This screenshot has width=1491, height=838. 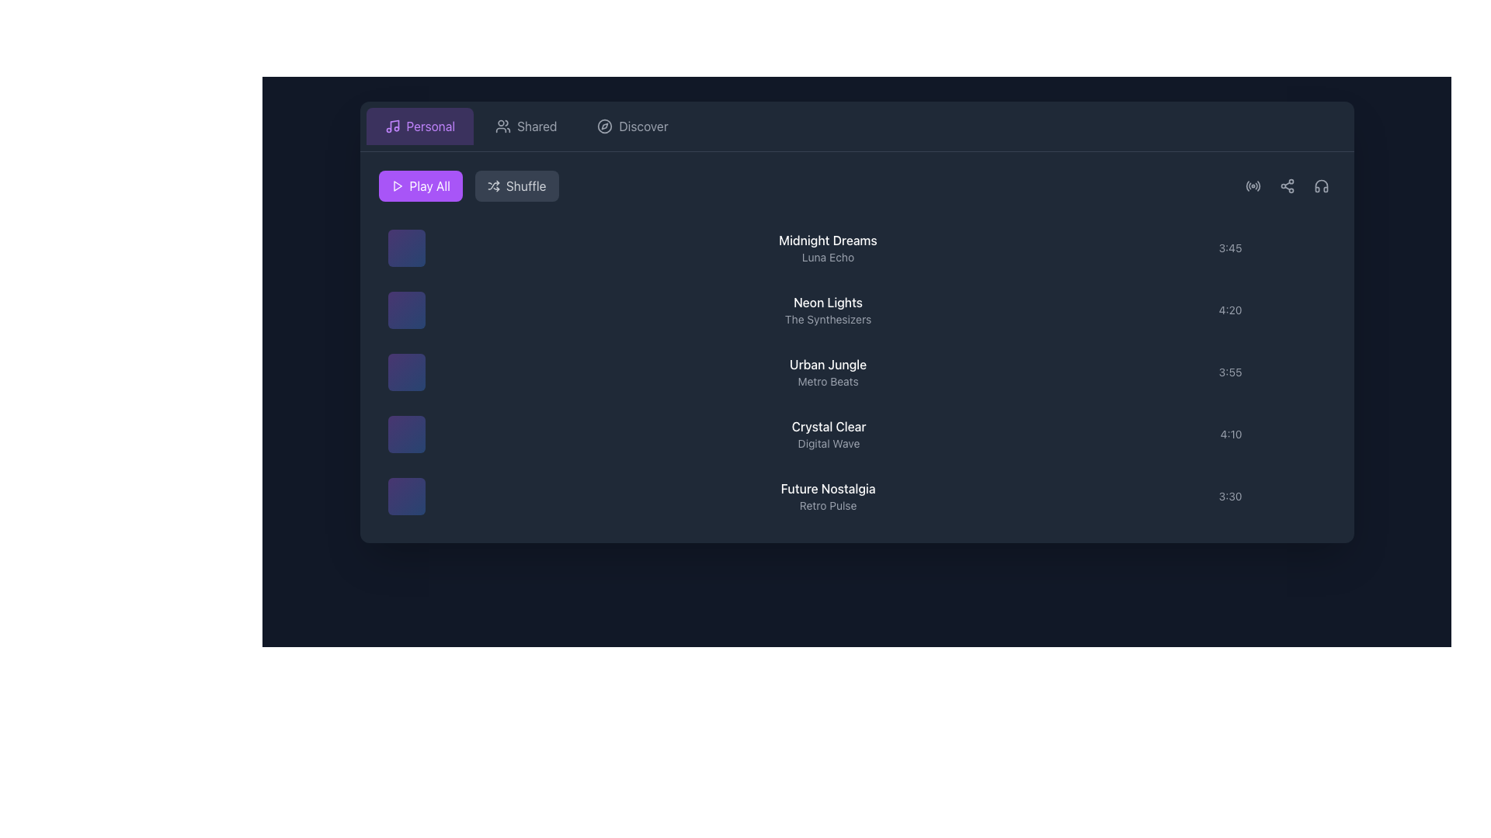 I want to click on the 'Play All' button, which is a white text on a purple background with a play triangle icon to its left, located at the top-left section of the interface, so click(x=429, y=185).